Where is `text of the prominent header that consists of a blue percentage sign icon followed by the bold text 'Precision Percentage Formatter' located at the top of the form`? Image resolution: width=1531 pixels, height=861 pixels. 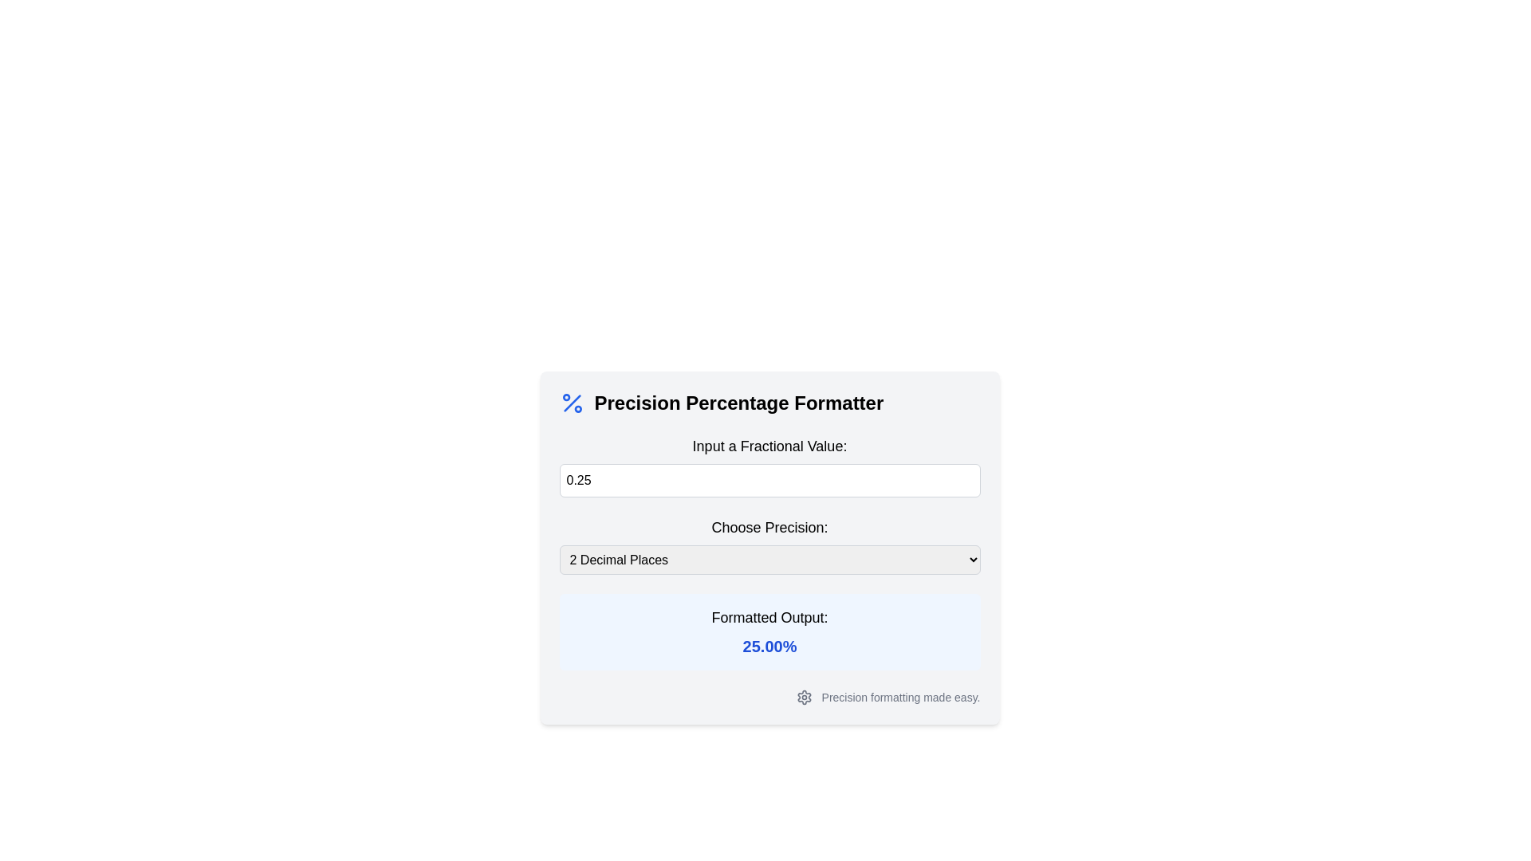 text of the prominent header that consists of a blue percentage sign icon followed by the bold text 'Precision Percentage Formatter' located at the top of the form is located at coordinates (769, 402).